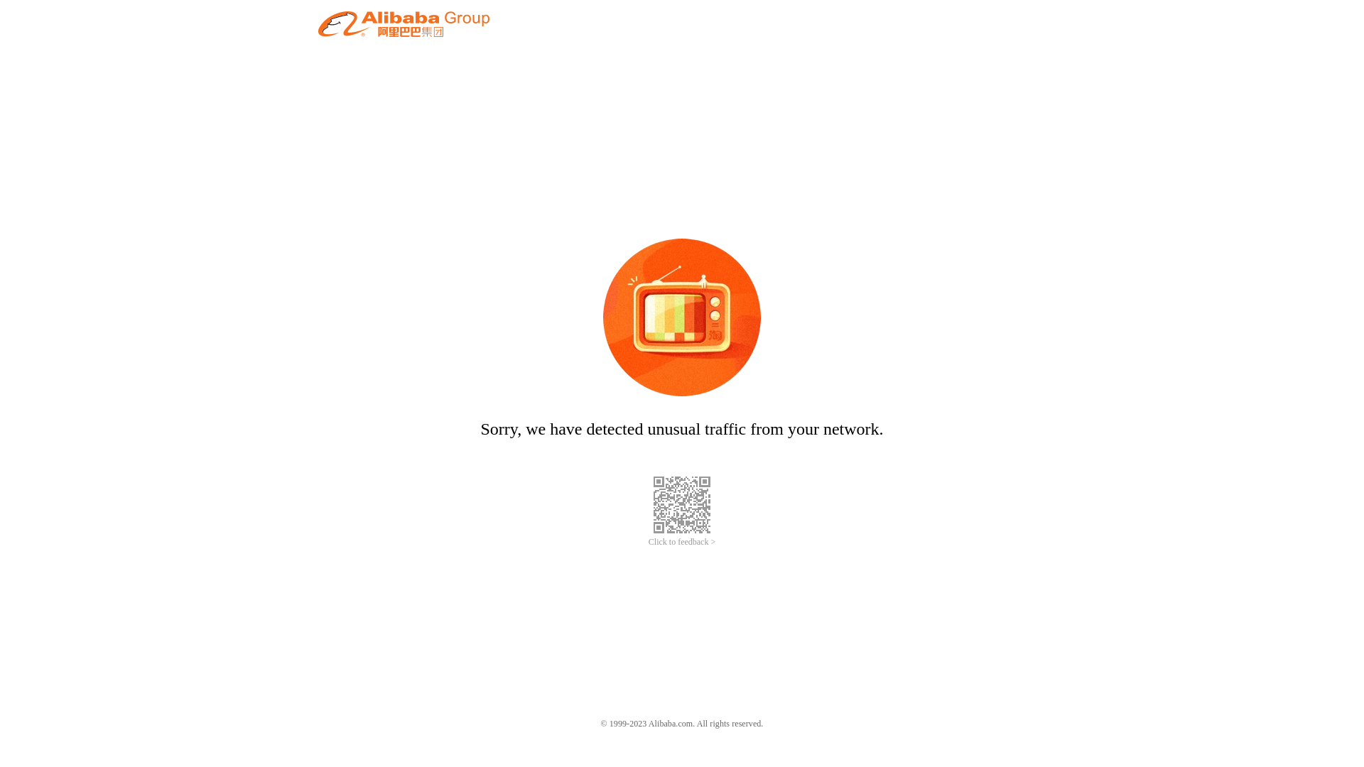  Describe the element at coordinates (682, 542) in the screenshot. I see `'Click to feedback >'` at that location.